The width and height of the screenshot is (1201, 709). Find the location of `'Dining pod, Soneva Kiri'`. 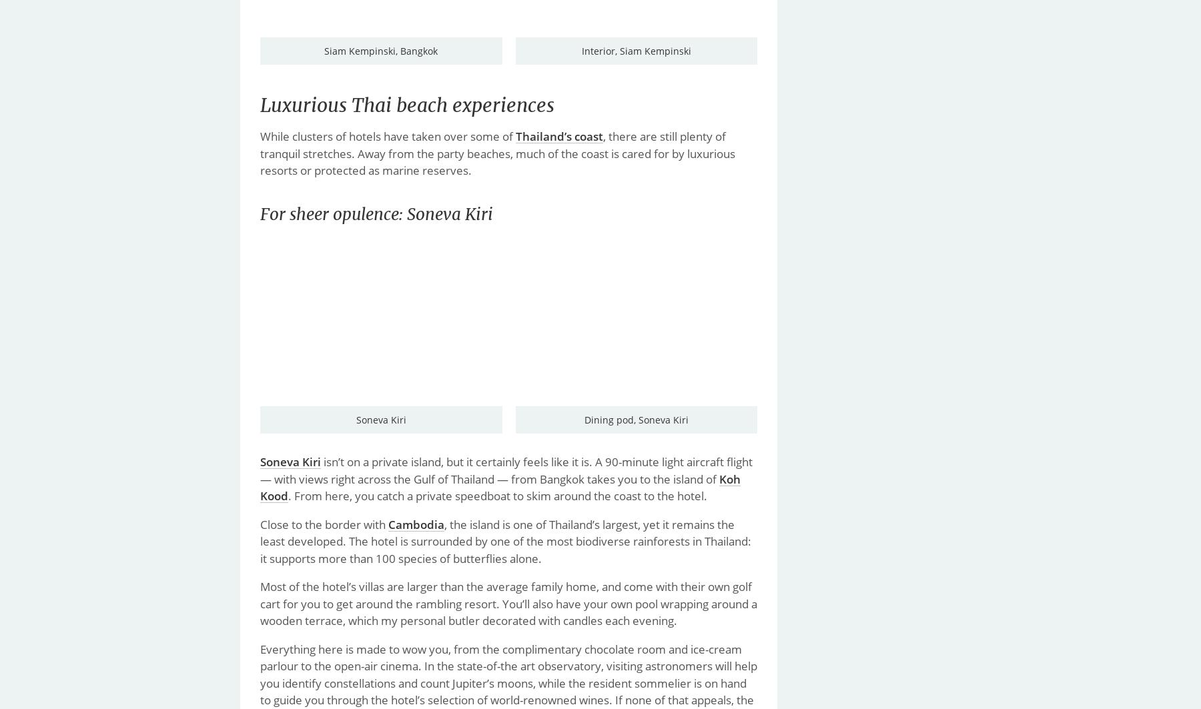

'Dining pod, Soneva Kiri' is located at coordinates (635, 419).